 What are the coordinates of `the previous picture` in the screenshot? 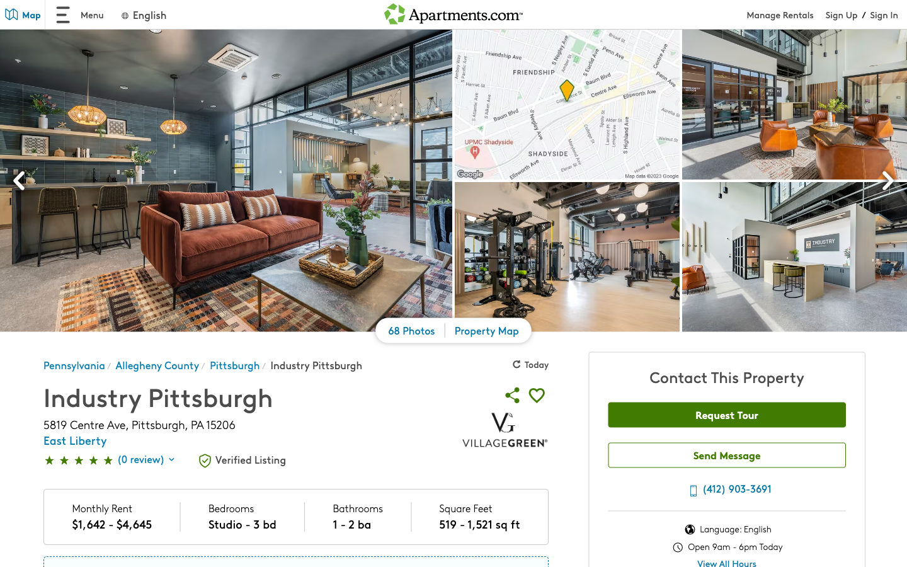 It's located at (19, 182).